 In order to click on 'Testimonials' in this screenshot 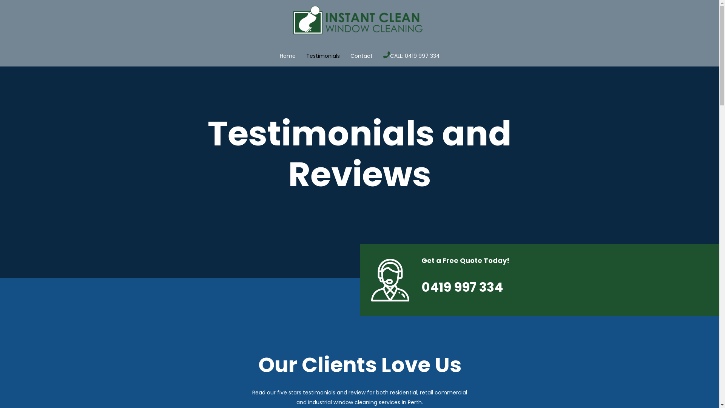, I will do `click(300, 55)`.